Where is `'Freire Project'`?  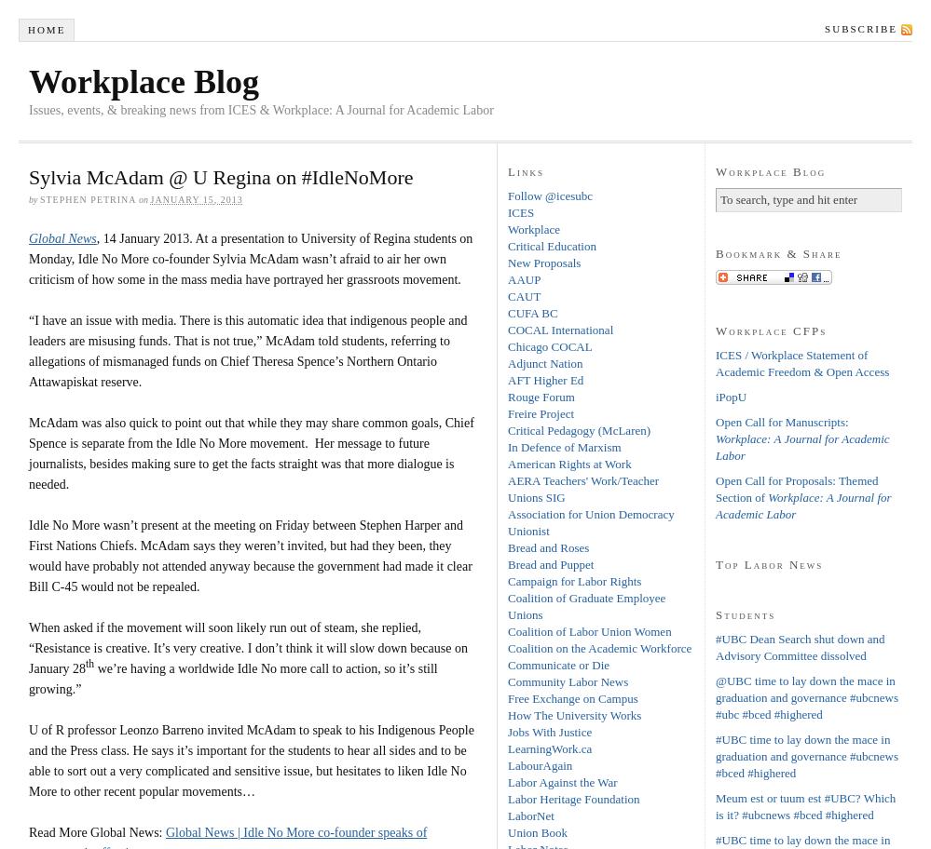
'Freire Project' is located at coordinates (541, 411).